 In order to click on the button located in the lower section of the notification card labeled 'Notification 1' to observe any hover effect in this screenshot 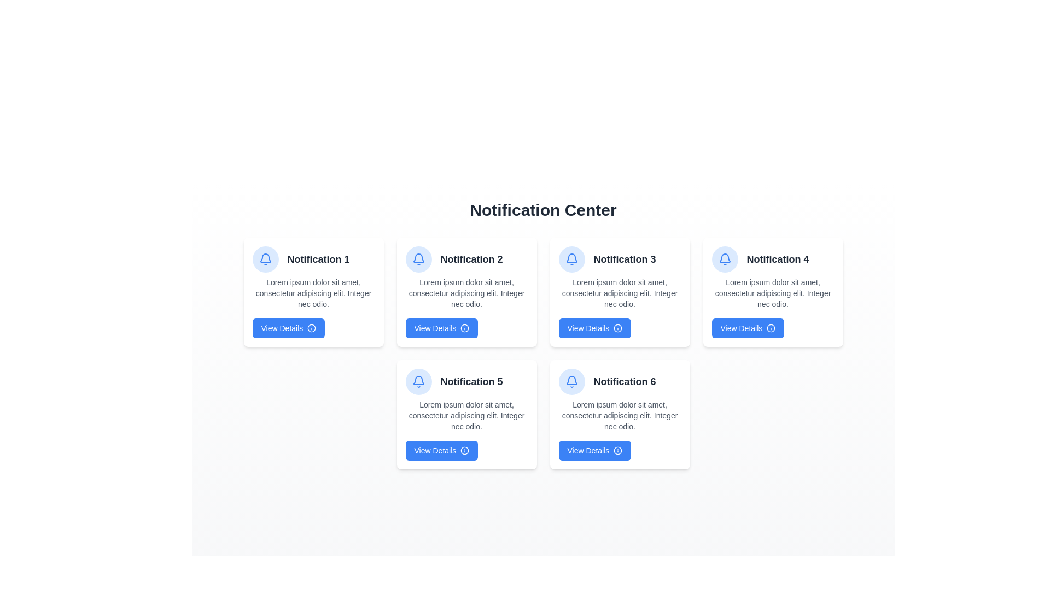, I will do `click(288, 328)`.